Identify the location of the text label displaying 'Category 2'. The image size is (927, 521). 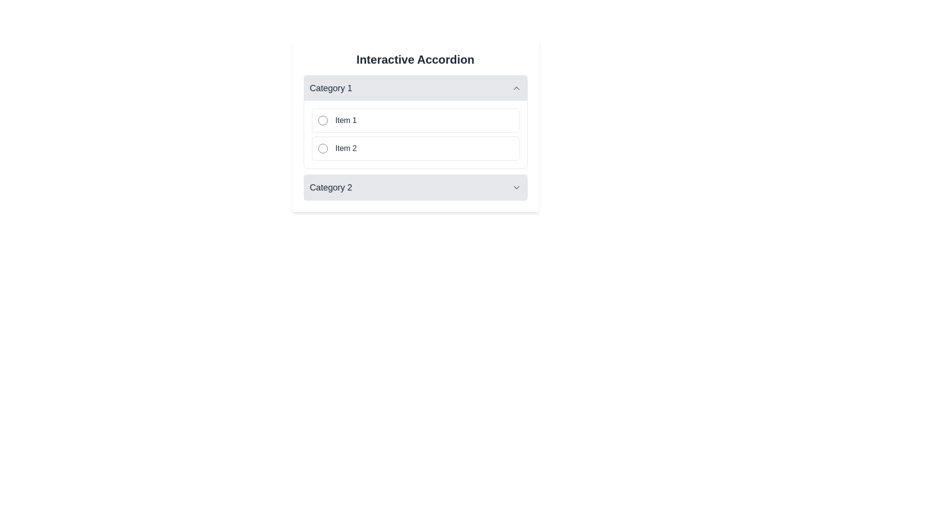
(331, 188).